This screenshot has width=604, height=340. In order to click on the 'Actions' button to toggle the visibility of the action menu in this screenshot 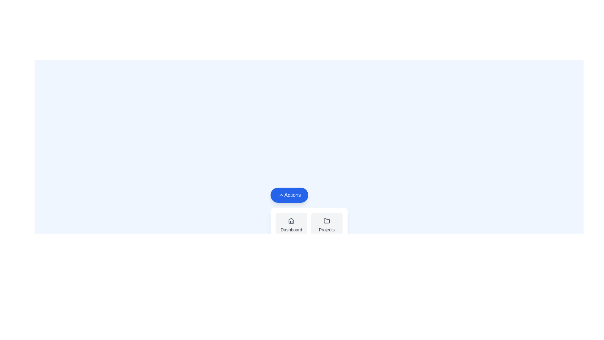, I will do `click(289, 195)`.